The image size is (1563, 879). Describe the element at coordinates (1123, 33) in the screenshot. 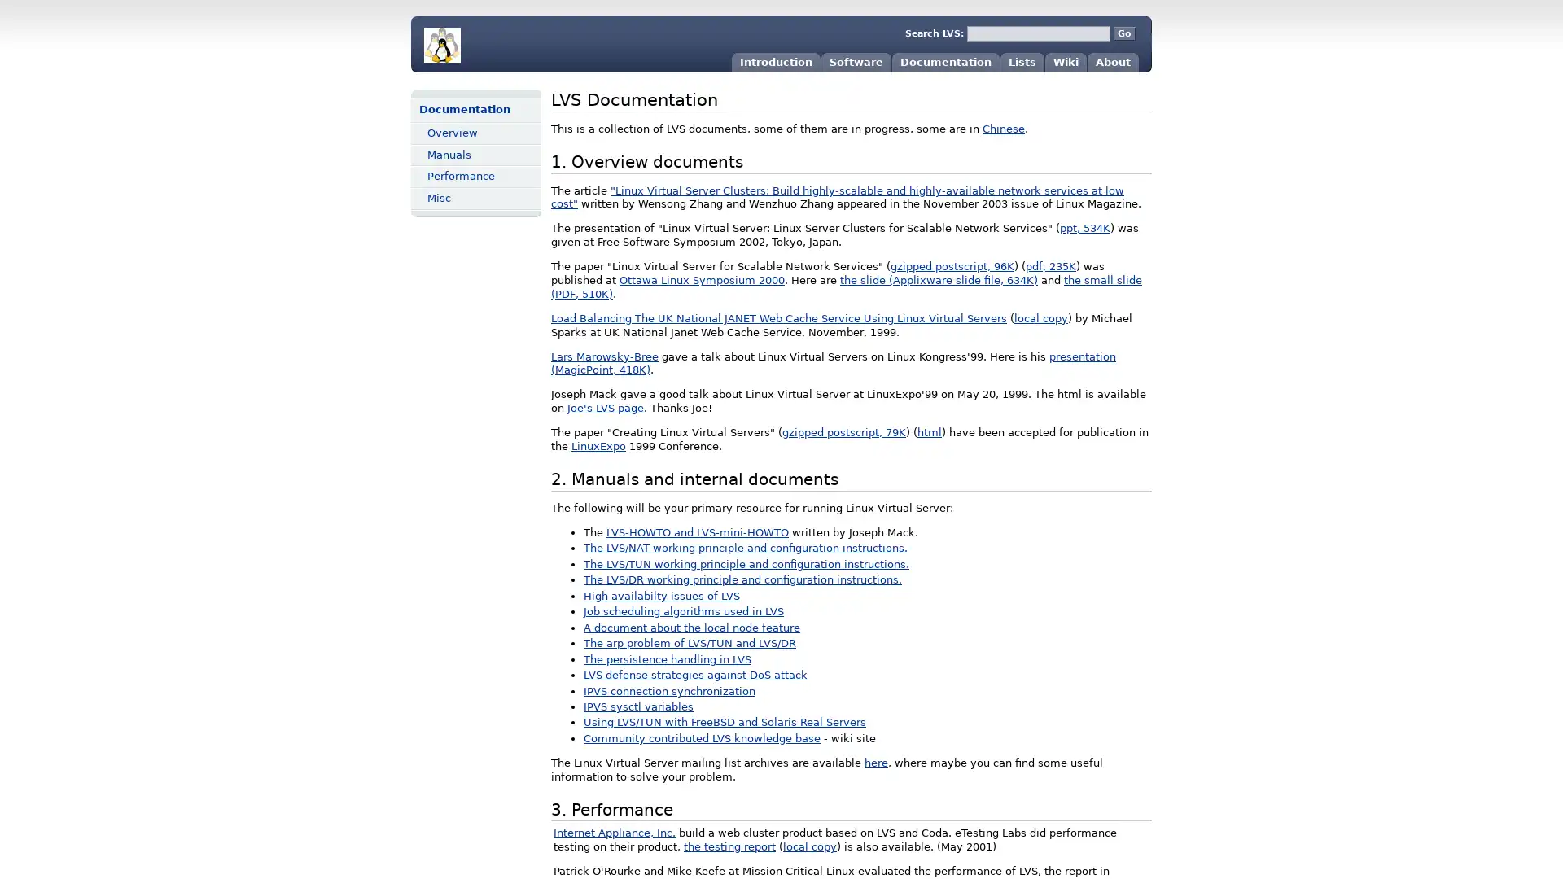

I see `Go` at that location.